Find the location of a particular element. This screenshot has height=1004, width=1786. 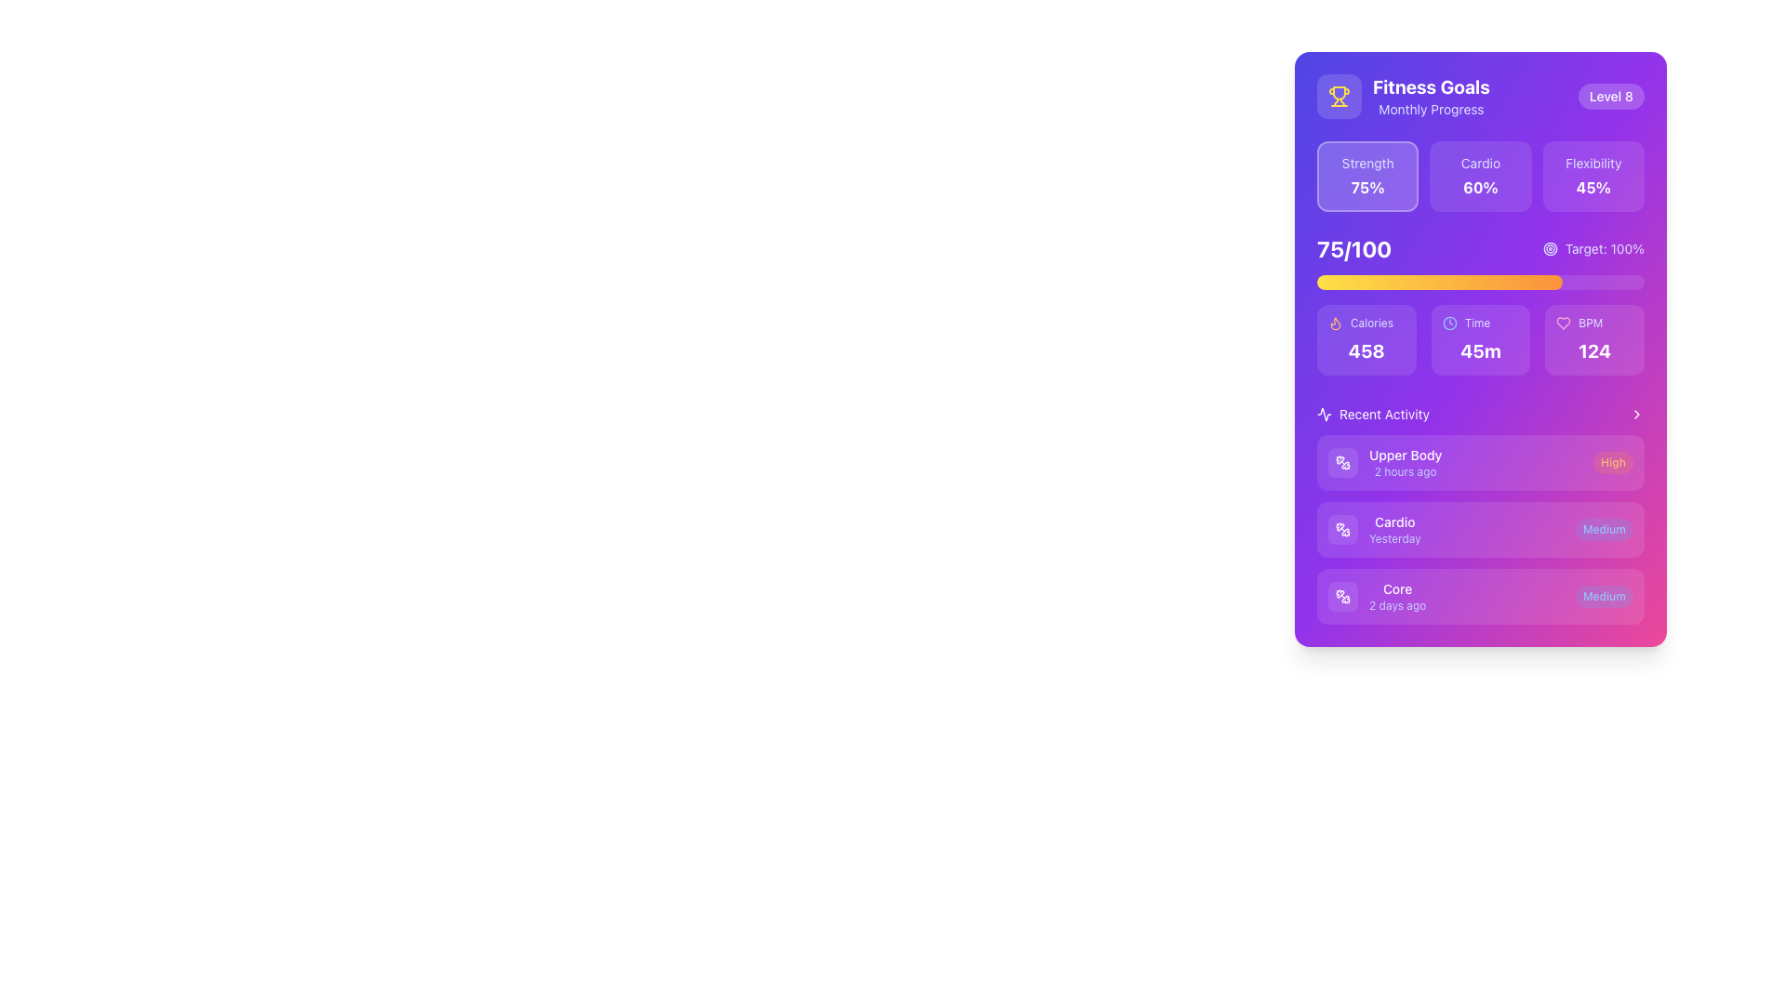

the text label that indicates when the 'Core' activity was last recorded, located beneath the title 'Core' and to the right of the activity icon is located at coordinates (1397, 605).